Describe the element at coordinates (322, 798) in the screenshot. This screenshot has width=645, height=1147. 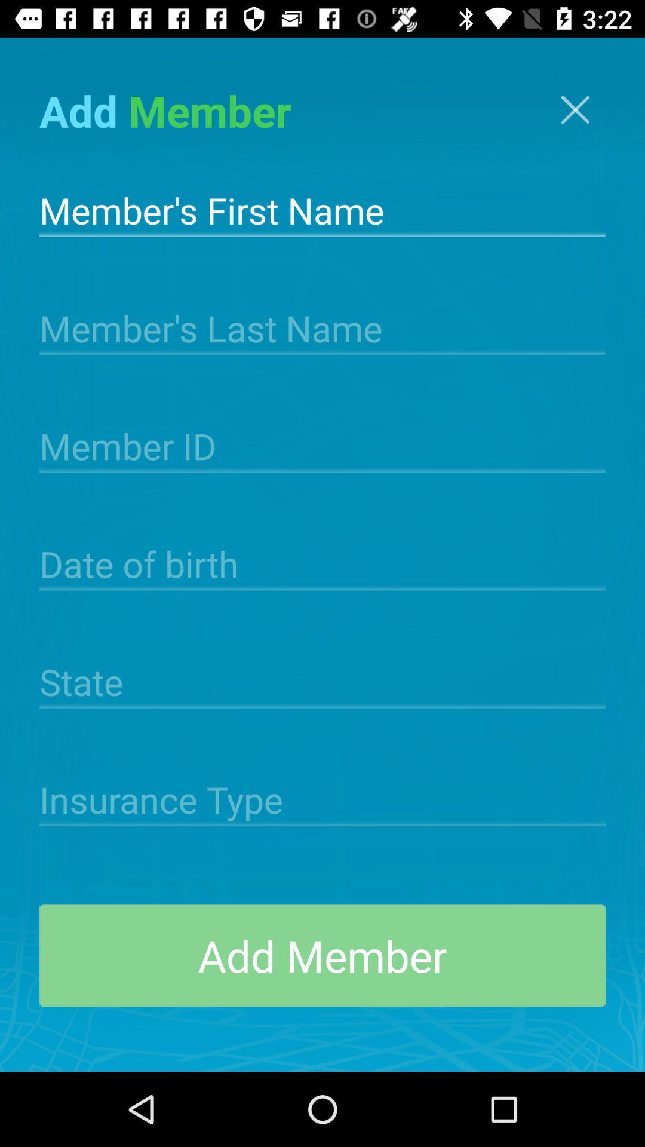
I see `insurance type` at that location.